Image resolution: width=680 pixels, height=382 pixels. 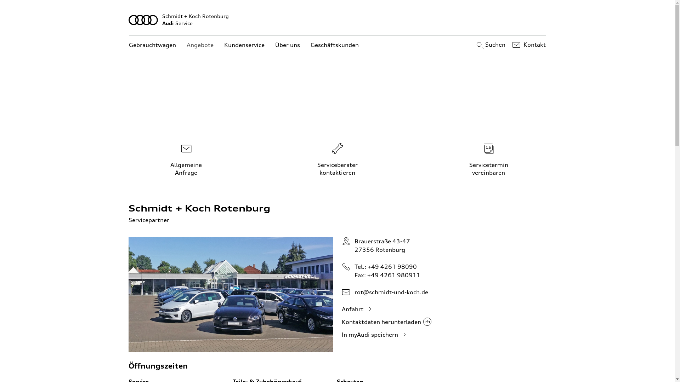 What do you see at coordinates (489, 45) in the screenshot?
I see `'Suchen'` at bounding box center [489, 45].